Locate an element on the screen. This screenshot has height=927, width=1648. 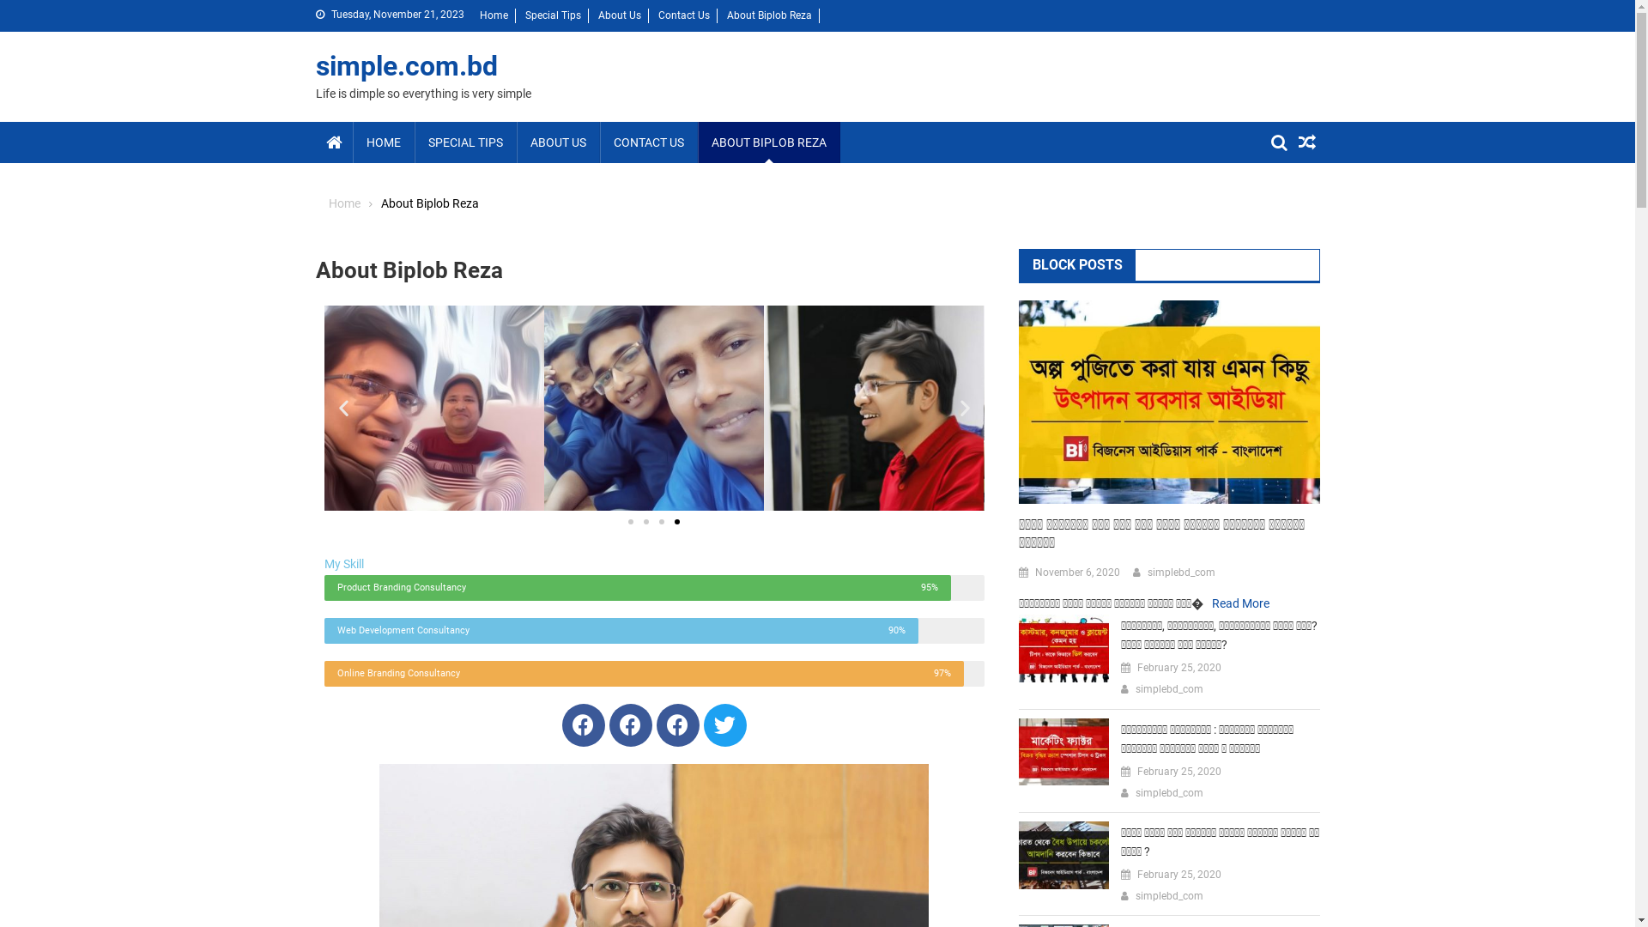
'February 25, 2020' is located at coordinates (1178, 771).